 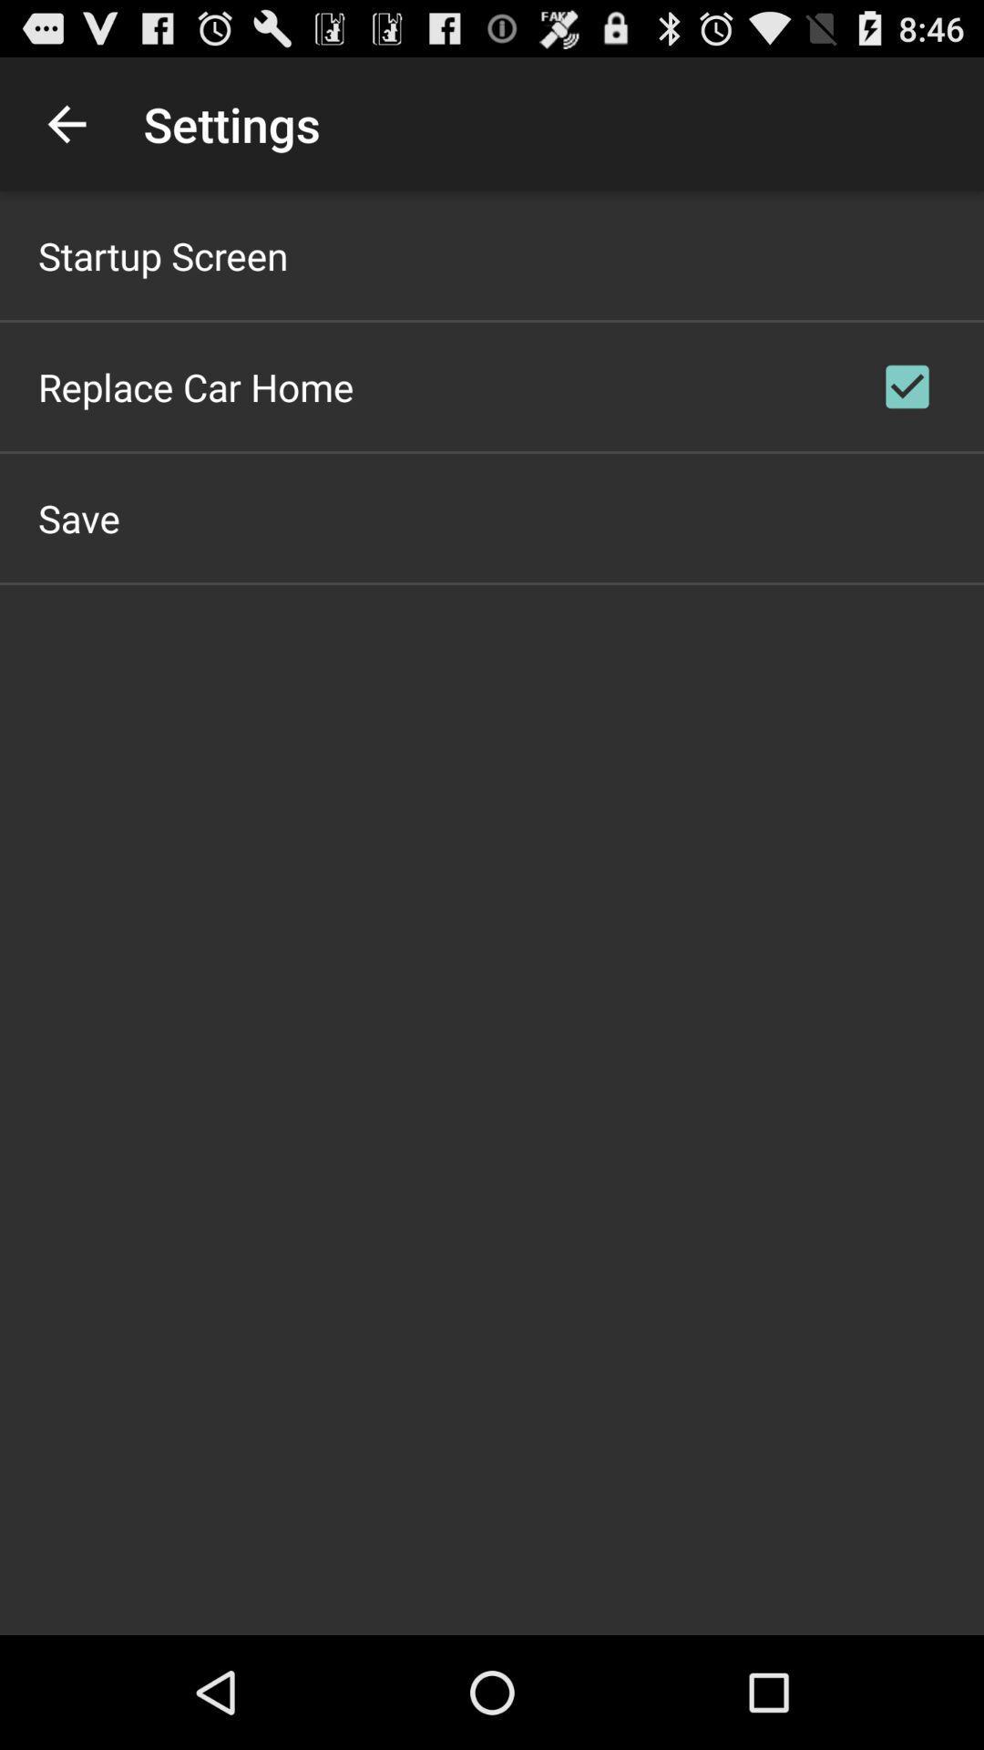 I want to click on the startup screen app, so click(x=162, y=254).